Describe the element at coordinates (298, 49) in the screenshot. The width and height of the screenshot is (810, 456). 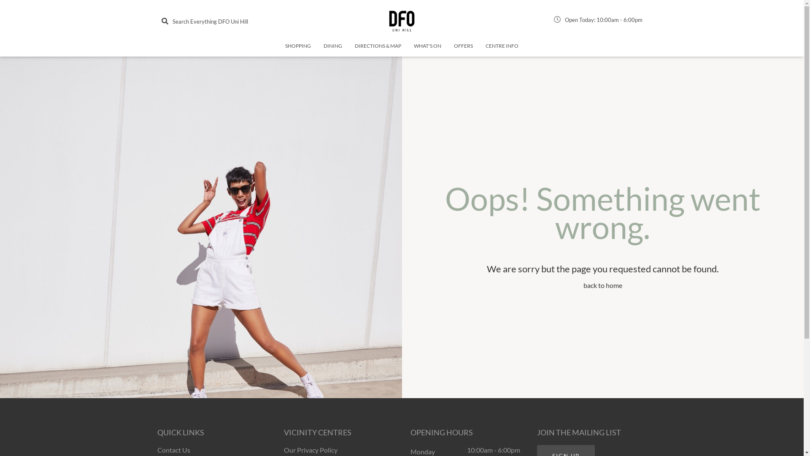
I see `'SHOPPING'` at that location.